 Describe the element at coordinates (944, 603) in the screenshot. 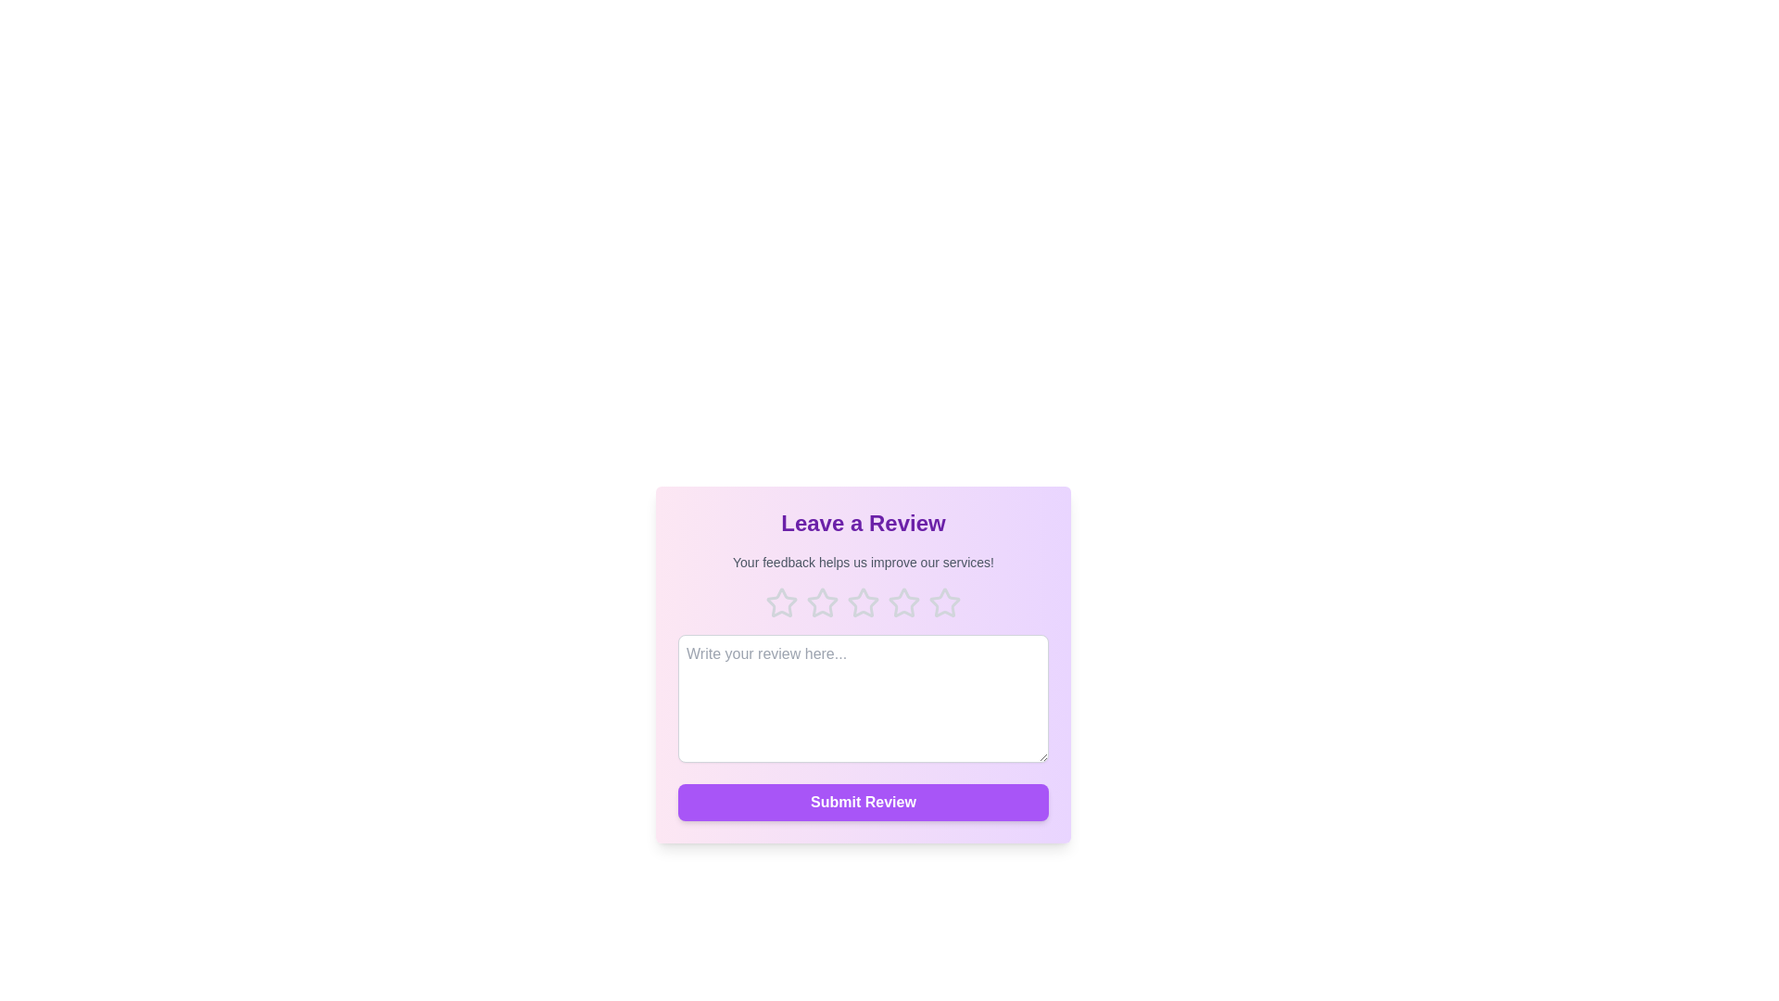

I see `the 5 star to highlight it` at that location.